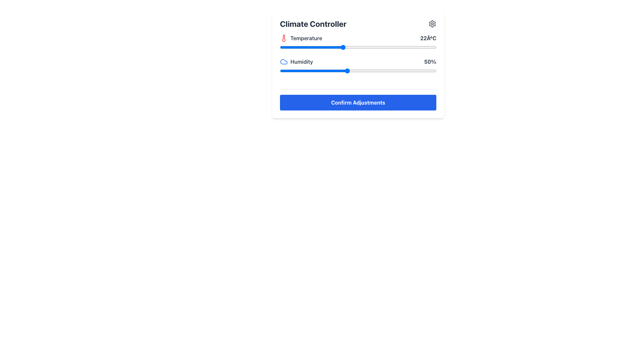  Describe the element at coordinates (399, 47) in the screenshot. I see `the temperature` at that location.